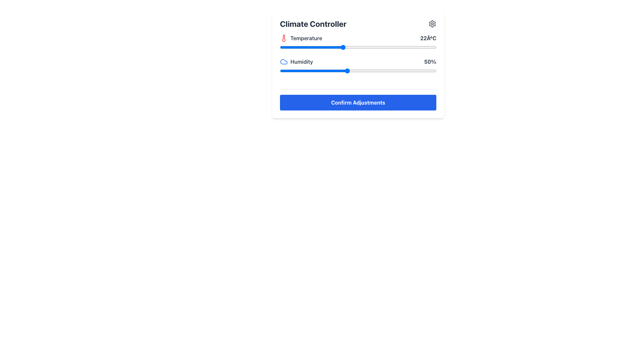  Describe the element at coordinates (399, 47) in the screenshot. I see `the temperature` at that location.